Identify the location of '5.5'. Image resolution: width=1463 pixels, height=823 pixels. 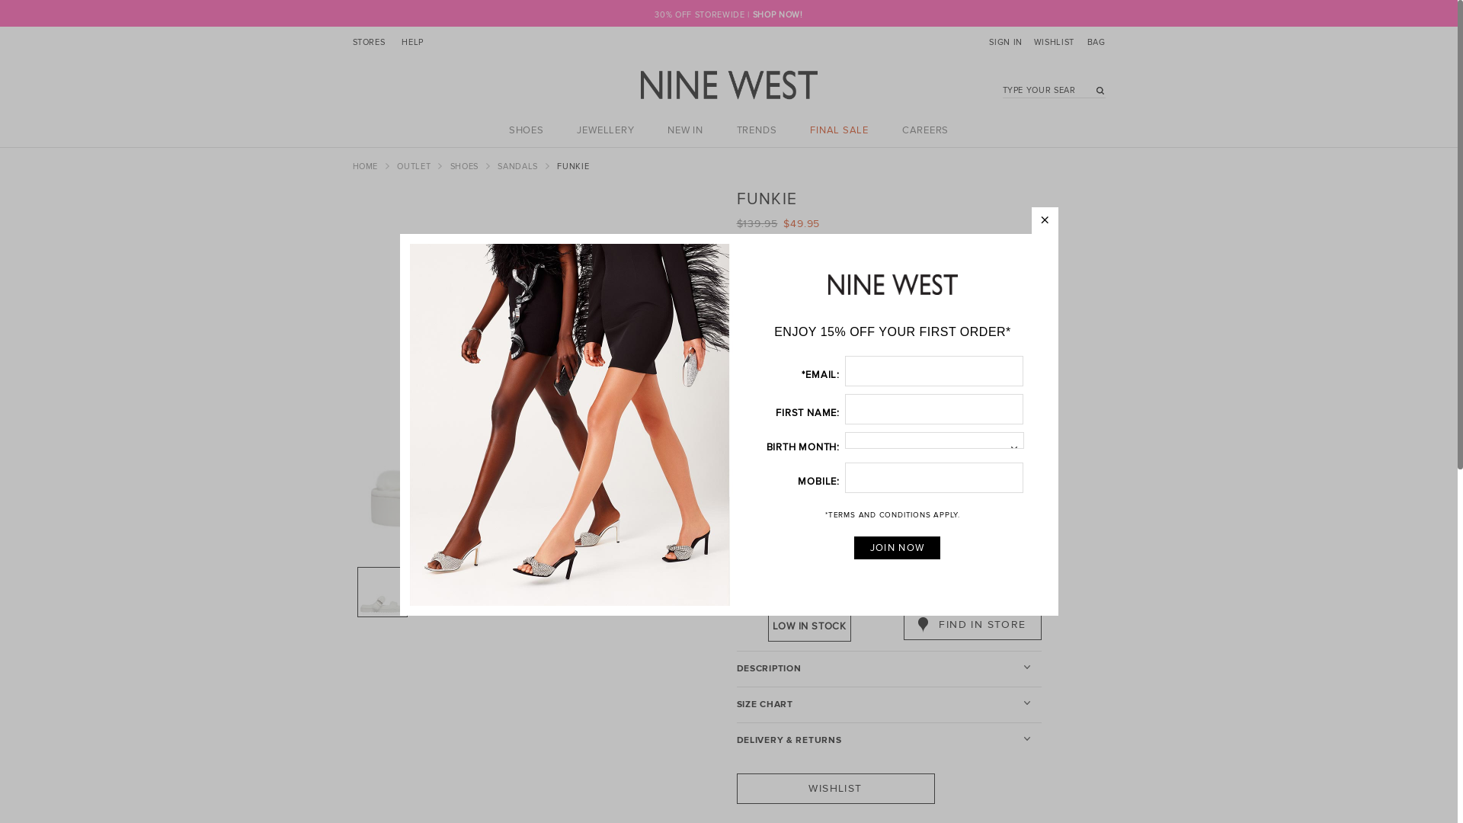
(824, 373).